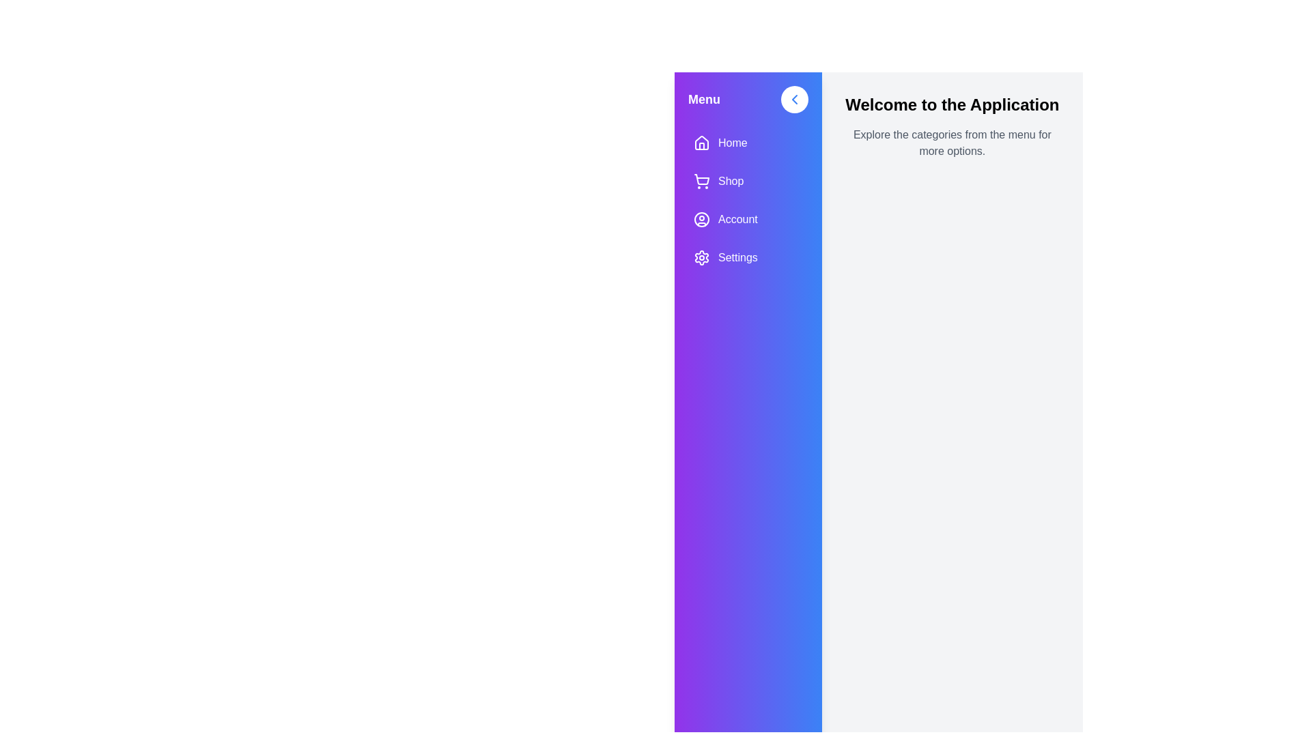 The width and height of the screenshot is (1311, 737). I want to click on the 'Settings' icon located in the sidebar menu, which is the last icon below the 'Account' label, so click(701, 258).